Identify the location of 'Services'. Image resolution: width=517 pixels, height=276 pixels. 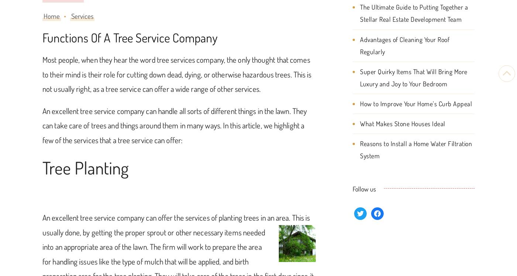
(82, 16).